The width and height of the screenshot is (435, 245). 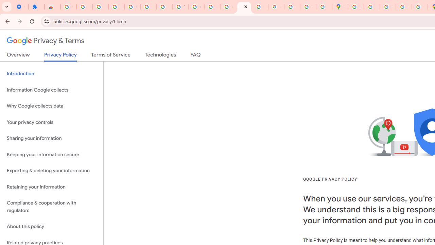 I want to click on 'Exporting & deleting your information', so click(x=51, y=170).